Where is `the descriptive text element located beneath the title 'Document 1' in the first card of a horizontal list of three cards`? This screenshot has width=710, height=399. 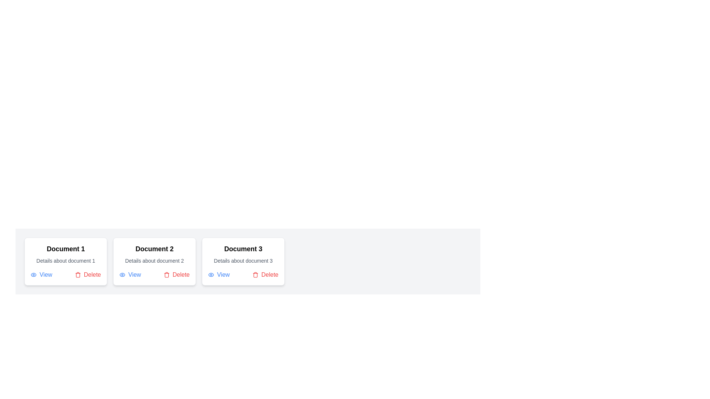 the descriptive text element located beneath the title 'Document 1' in the first card of a horizontal list of three cards is located at coordinates (65, 260).